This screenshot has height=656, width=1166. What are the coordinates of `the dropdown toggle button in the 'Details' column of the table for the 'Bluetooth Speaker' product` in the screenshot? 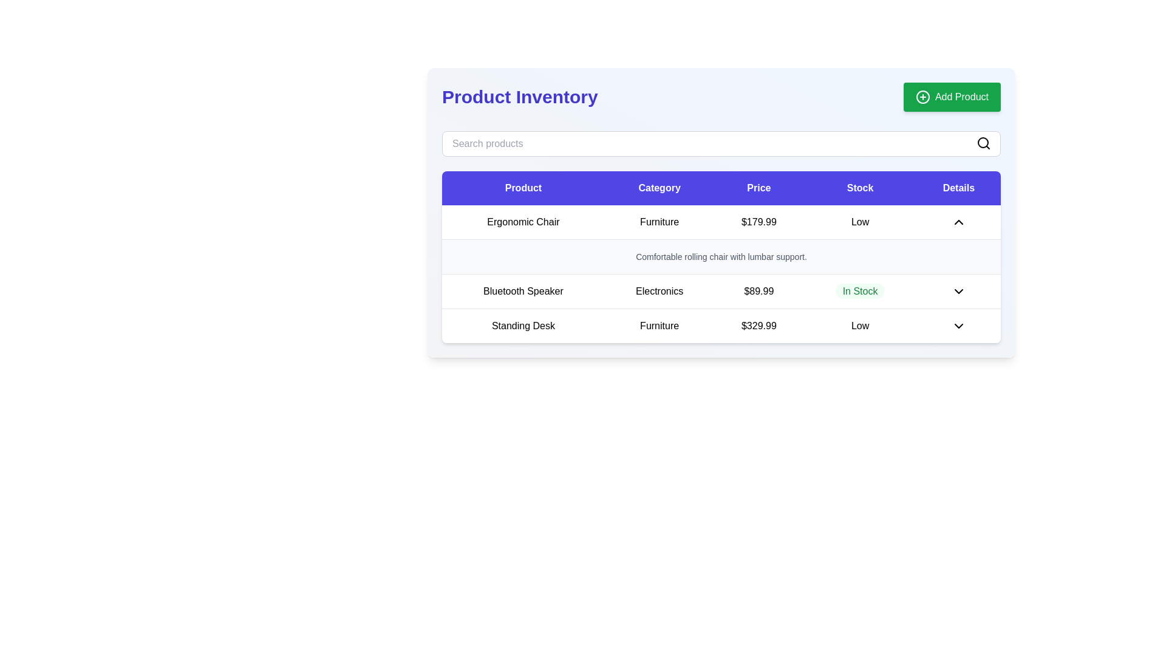 It's located at (958, 291).